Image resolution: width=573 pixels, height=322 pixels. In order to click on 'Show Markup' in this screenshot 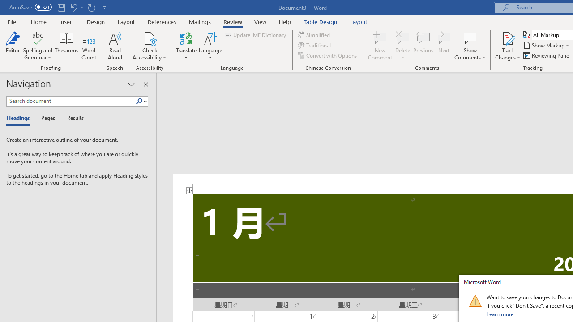, I will do `click(547, 45)`.